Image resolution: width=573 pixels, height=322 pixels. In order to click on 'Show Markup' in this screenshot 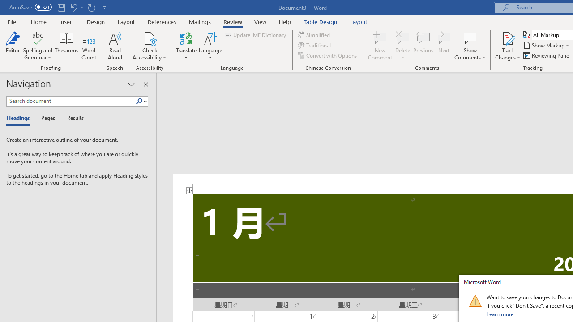, I will do `click(547, 45)`.